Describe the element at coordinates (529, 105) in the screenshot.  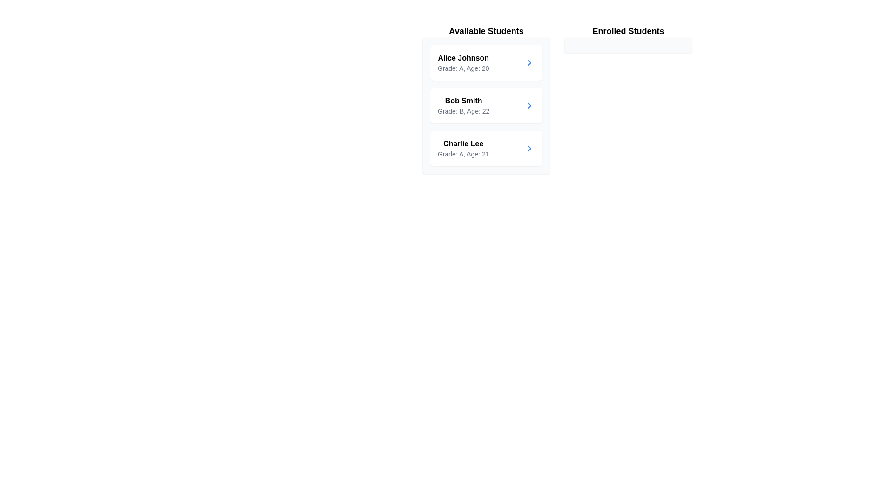
I see `transfer button for the student Bob Smith to move them to the enrolled list` at that location.